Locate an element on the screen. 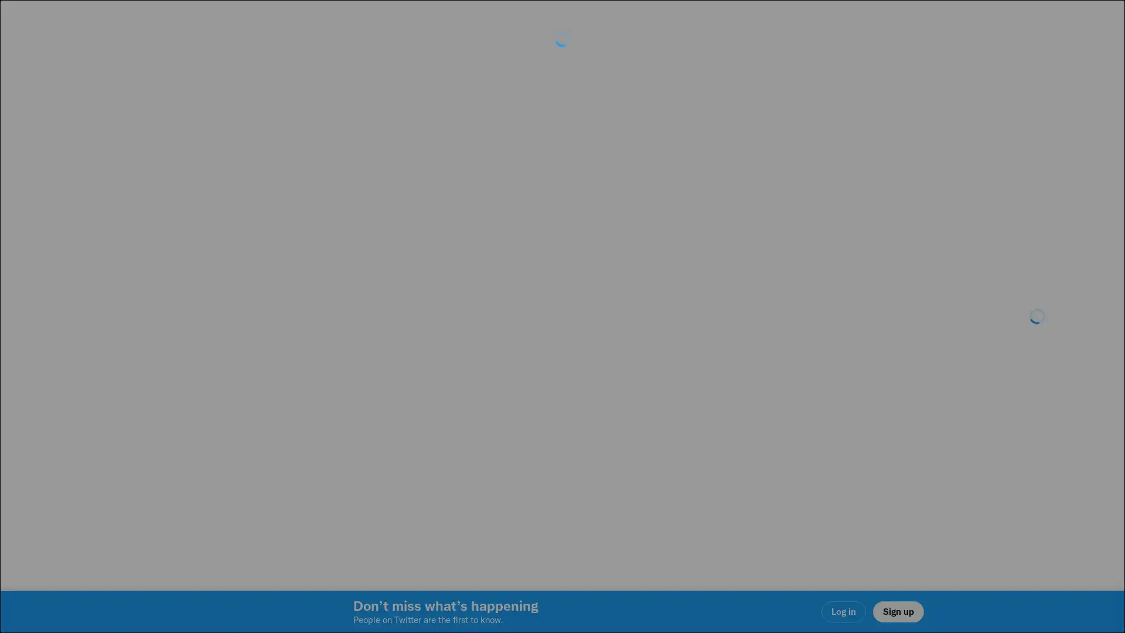 The width and height of the screenshot is (1125, 633). Log in is located at coordinates (703, 399).